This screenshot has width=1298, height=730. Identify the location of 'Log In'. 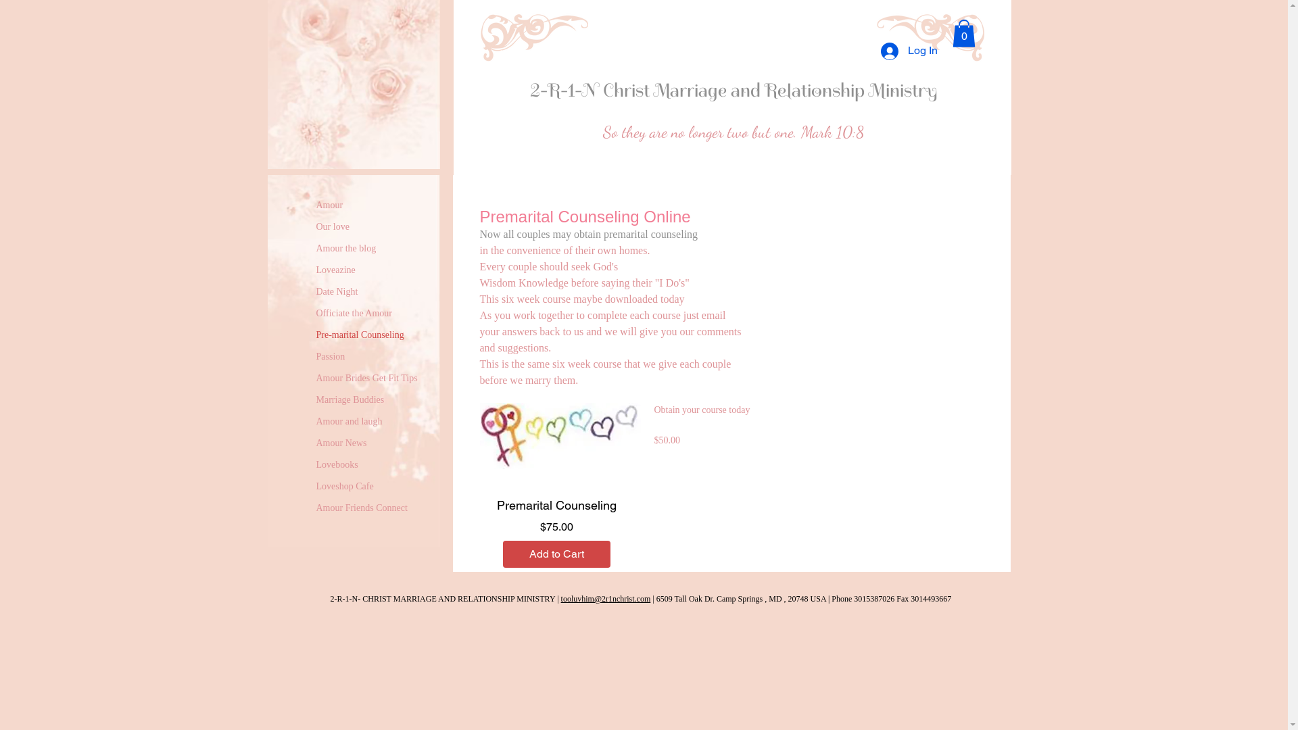
(909, 51).